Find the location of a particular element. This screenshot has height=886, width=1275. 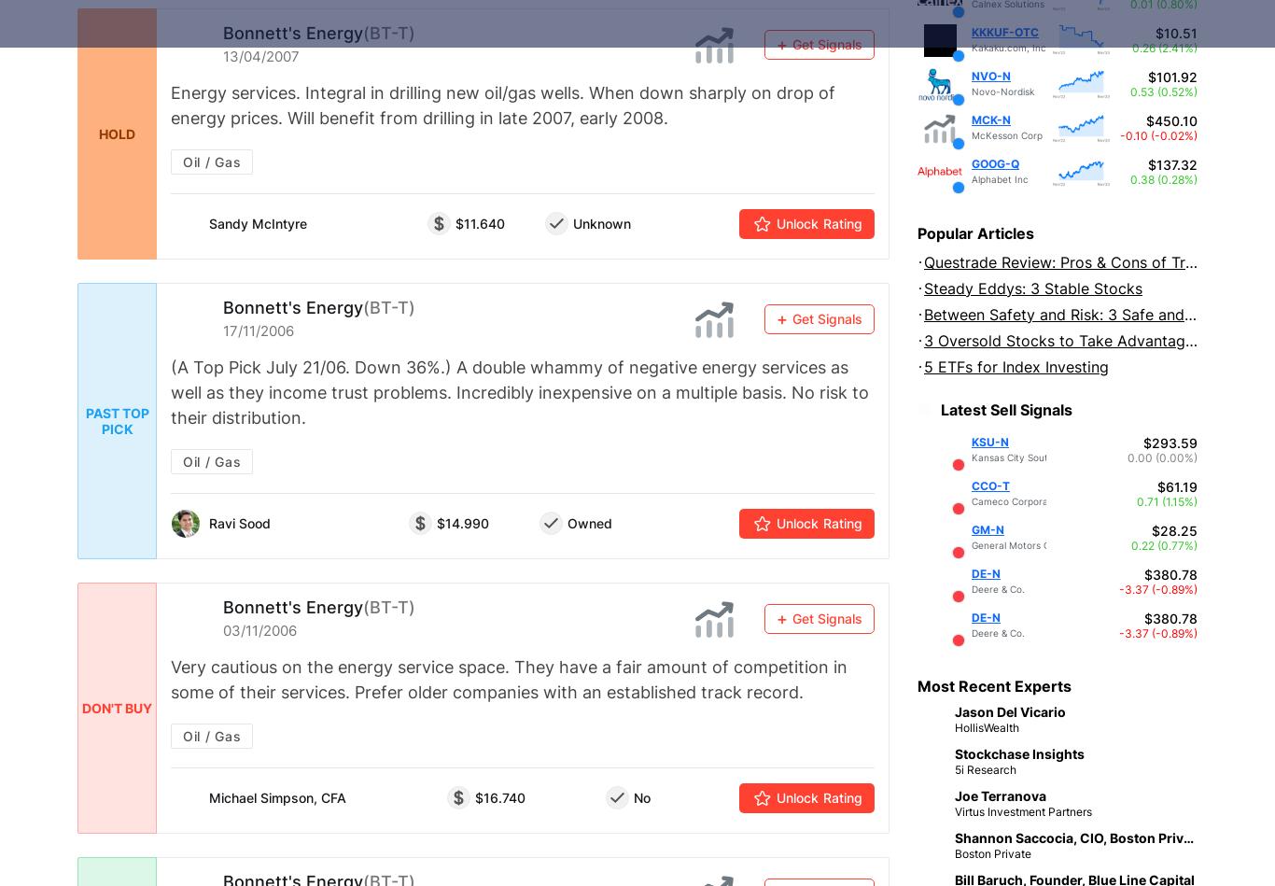

'$137.32' is located at coordinates (1171, 163).